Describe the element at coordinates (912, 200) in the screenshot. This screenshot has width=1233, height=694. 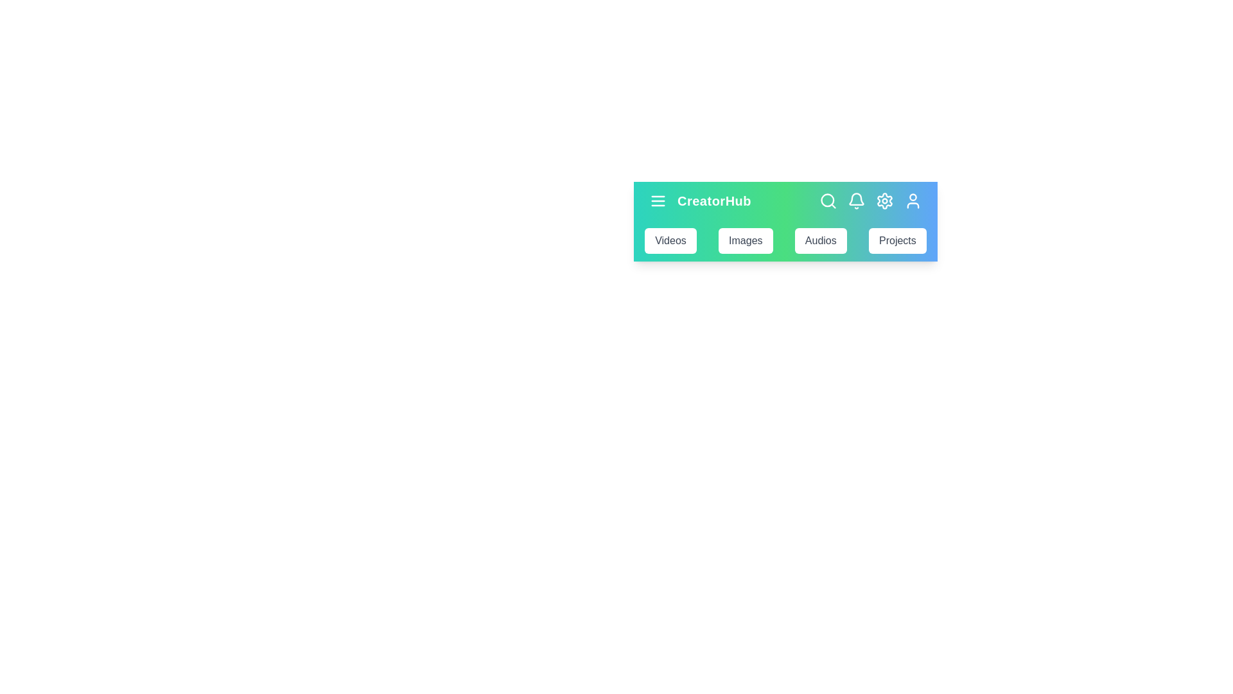
I see `the user icon to access the user profile options` at that location.